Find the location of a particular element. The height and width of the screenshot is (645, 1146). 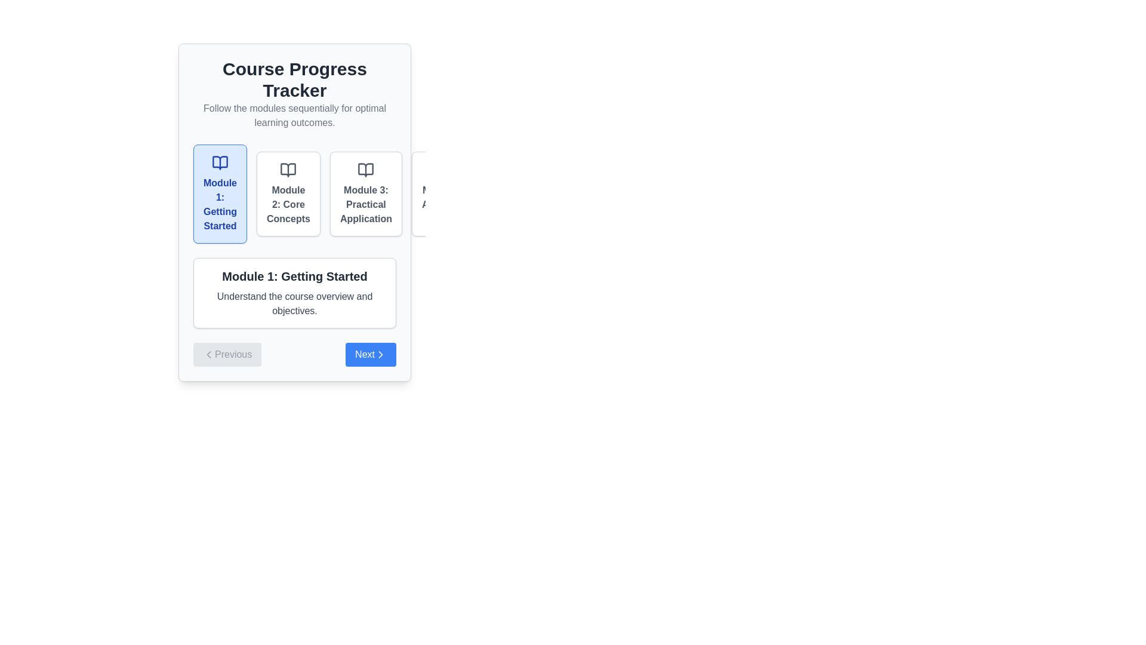

the Icon representing 'Module 2: Core Concepts' which symbolizes the reading or learning module, located centrally in the second module card is located at coordinates (288, 170).